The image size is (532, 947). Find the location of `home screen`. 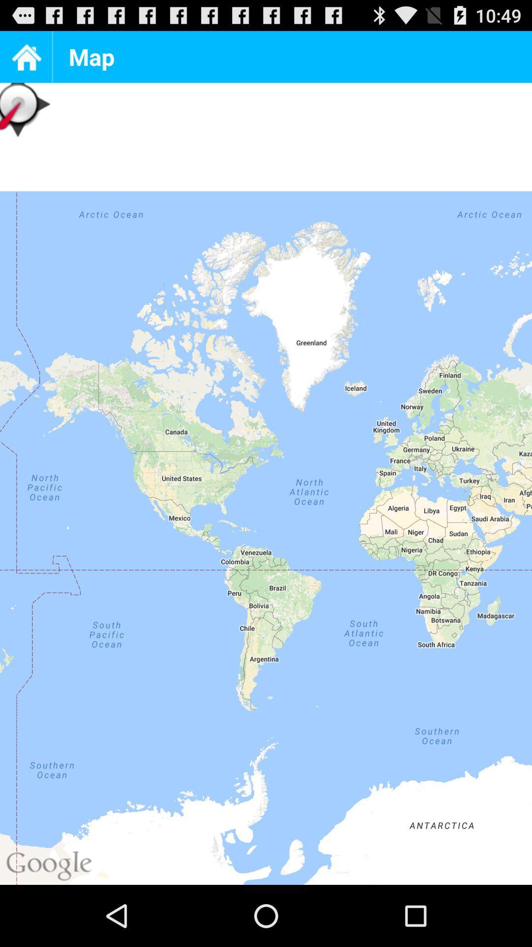

home screen is located at coordinates (25, 56).